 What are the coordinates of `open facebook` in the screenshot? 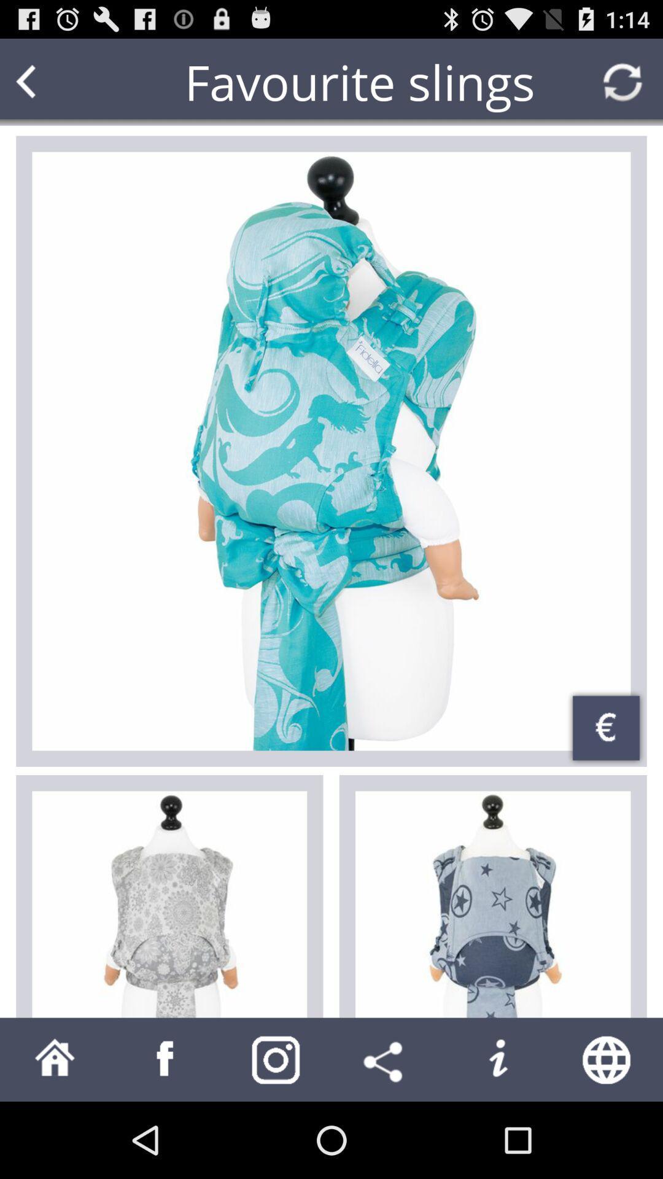 It's located at (166, 1059).